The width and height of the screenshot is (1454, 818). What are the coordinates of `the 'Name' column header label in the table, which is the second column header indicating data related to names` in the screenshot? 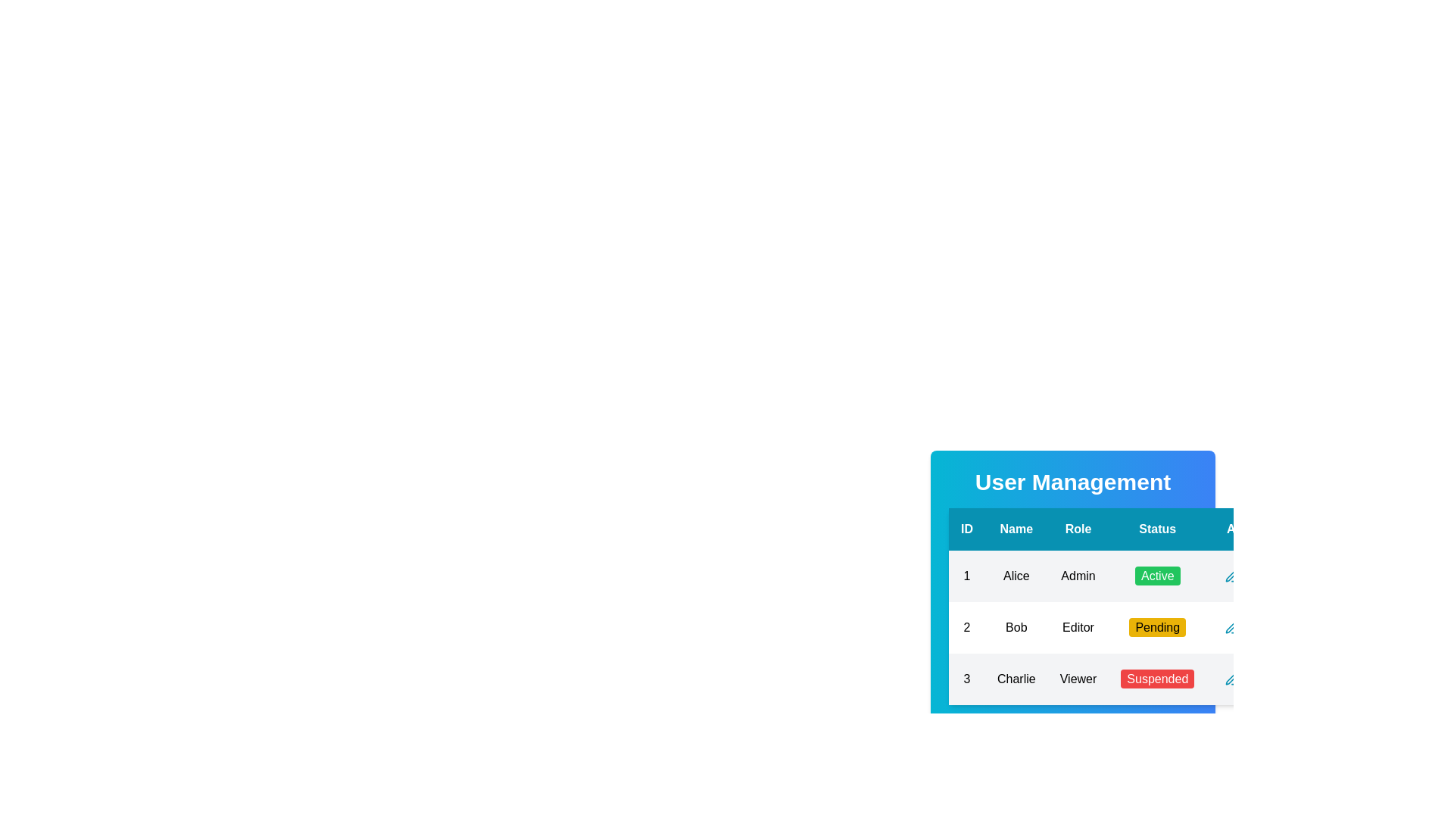 It's located at (1016, 528).